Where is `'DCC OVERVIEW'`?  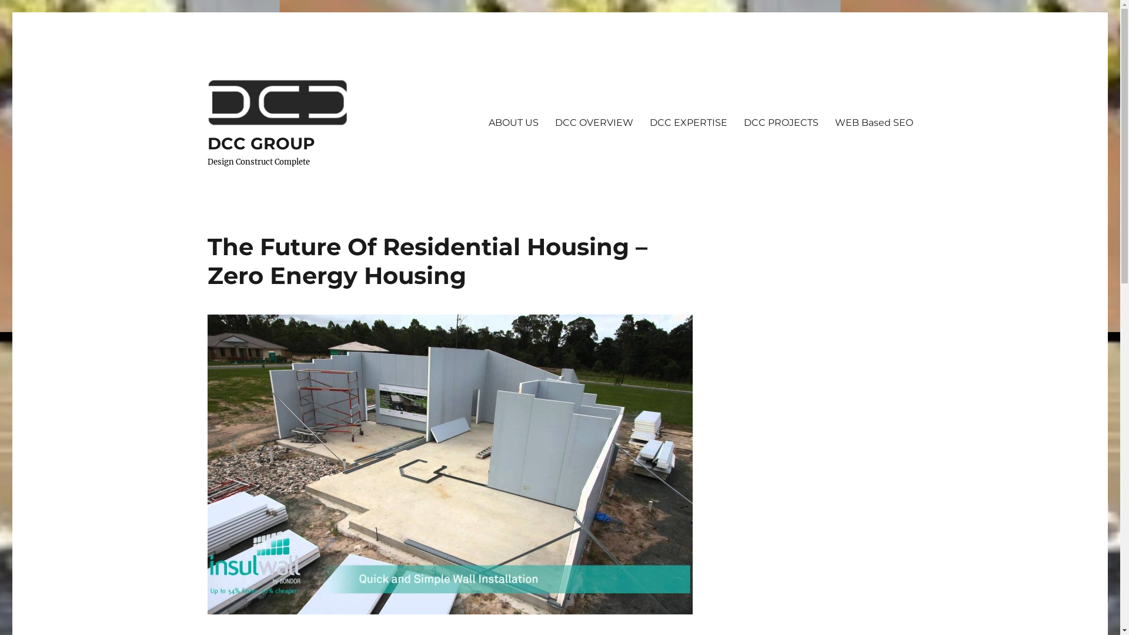
'DCC OVERVIEW' is located at coordinates (594, 122).